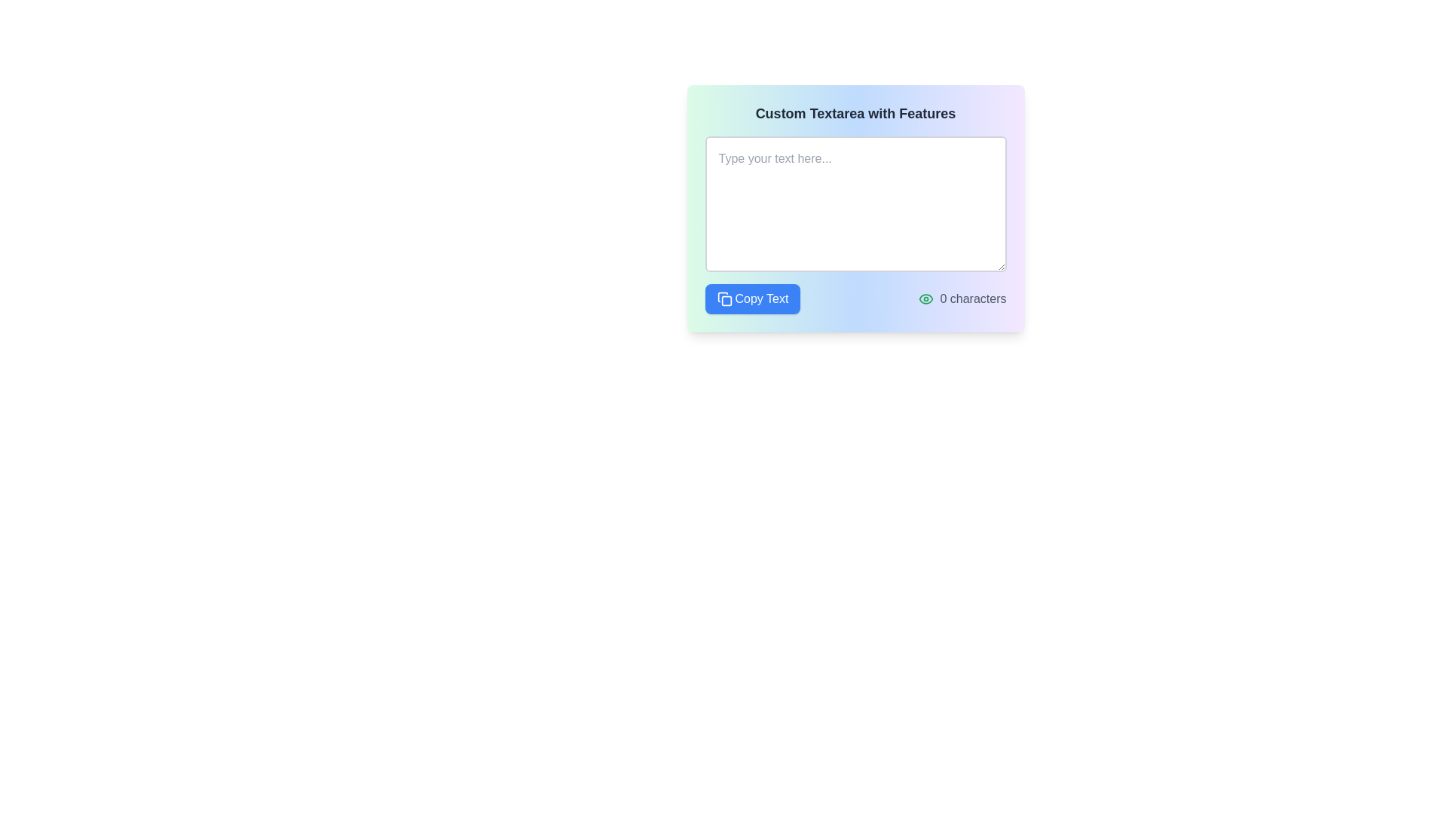 This screenshot has width=1447, height=814. What do you see at coordinates (752, 299) in the screenshot?
I see `the button with a blue background and white text reading 'Copy Text'` at bounding box center [752, 299].